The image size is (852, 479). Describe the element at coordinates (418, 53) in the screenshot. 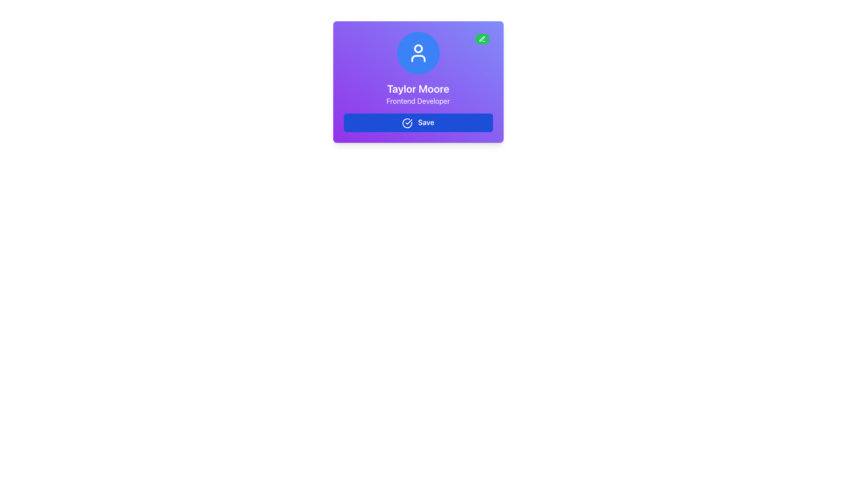

I see `the user profile icon, which is a simplified human figure styled with a white color against a blue circular background, located at the top of a purple rectangular card interface` at that location.